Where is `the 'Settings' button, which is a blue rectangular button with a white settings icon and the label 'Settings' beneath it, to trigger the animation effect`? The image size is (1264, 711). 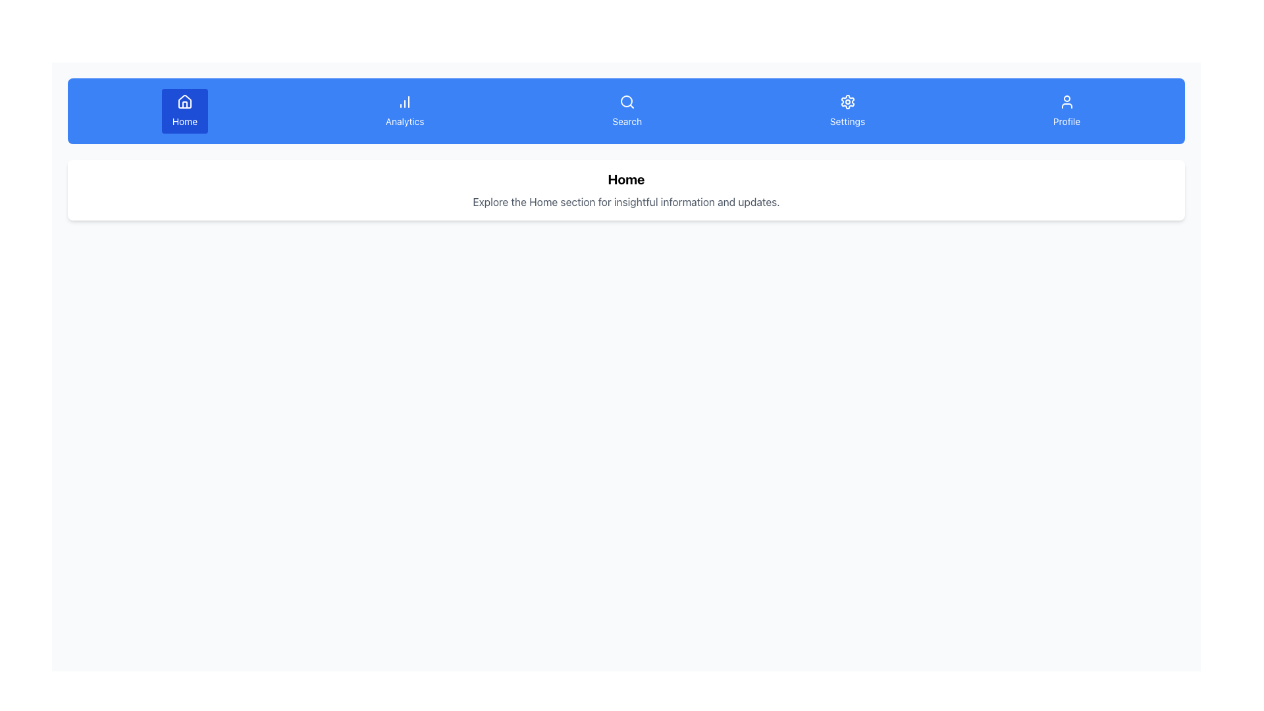 the 'Settings' button, which is a blue rectangular button with a white settings icon and the label 'Settings' beneath it, to trigger the animation effect is located at coordinates (847, 111).